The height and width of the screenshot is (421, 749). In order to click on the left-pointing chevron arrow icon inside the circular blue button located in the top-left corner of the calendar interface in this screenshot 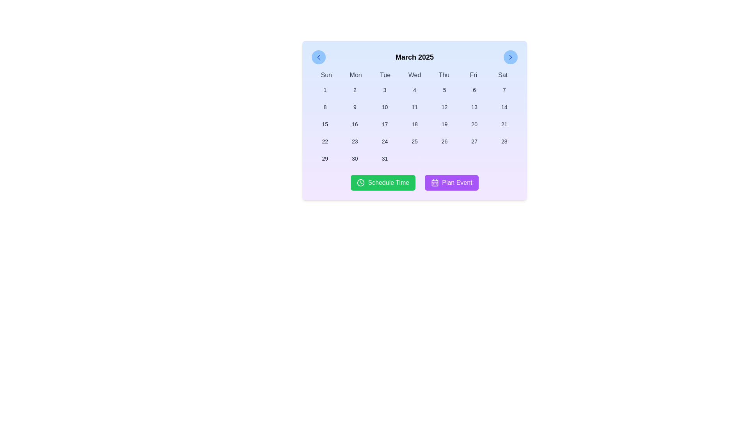, I will do `click(318, 57)`.